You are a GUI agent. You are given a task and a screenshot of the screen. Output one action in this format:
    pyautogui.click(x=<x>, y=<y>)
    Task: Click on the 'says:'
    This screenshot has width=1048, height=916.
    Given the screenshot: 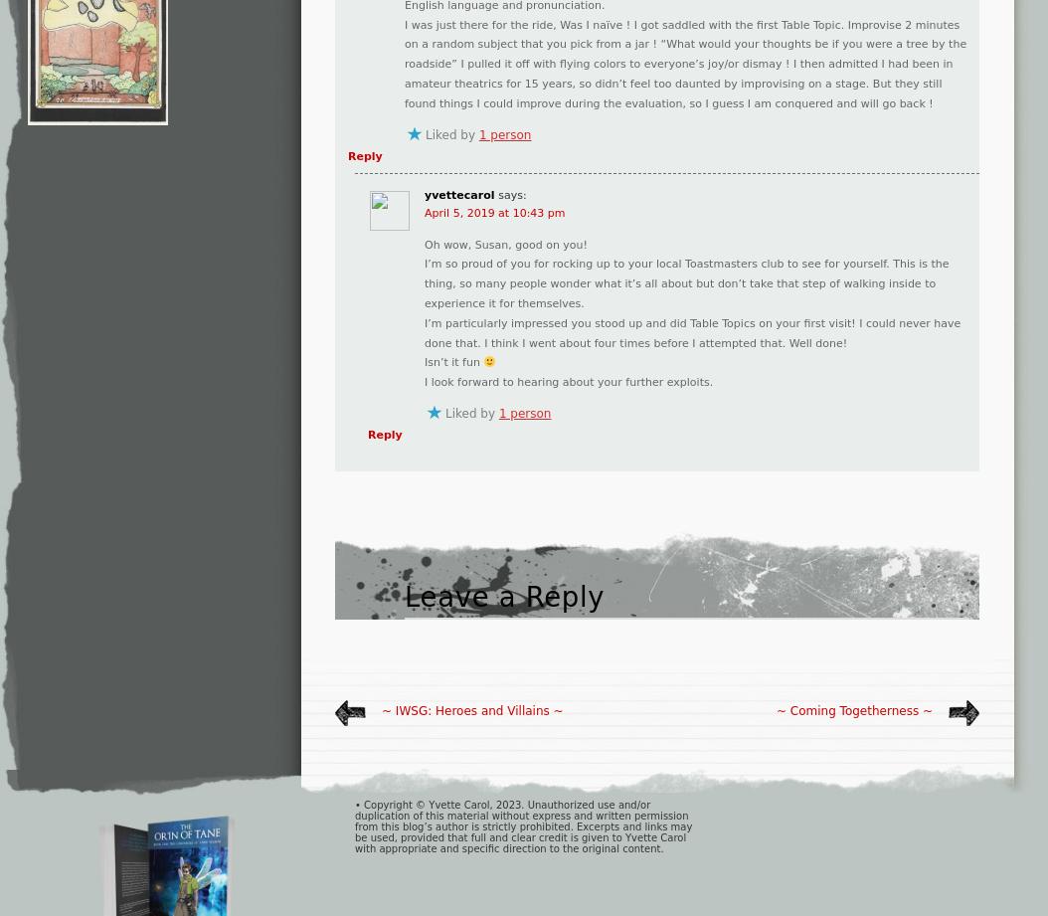 What is the action you would take?
    pyautogui.click(x=510, y=193)
    